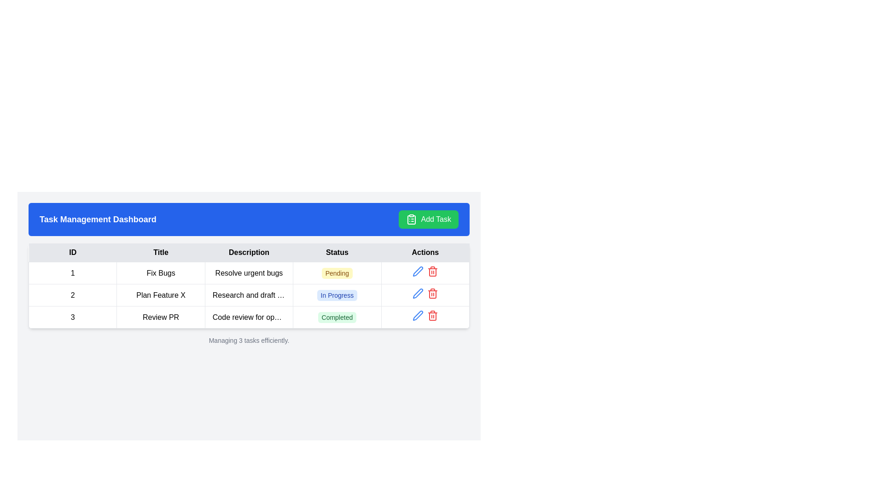  Describe the element at coordinates (161, 272) in the screenshot. I see `the 'Fix Bugs' text label located in the 'Title' column of the first row of the table` at that location.